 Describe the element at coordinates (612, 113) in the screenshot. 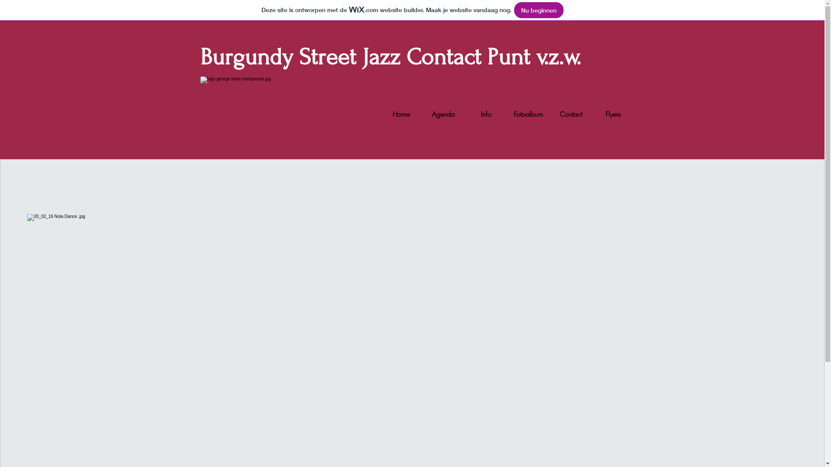

I see `'Flyers'` at that location.